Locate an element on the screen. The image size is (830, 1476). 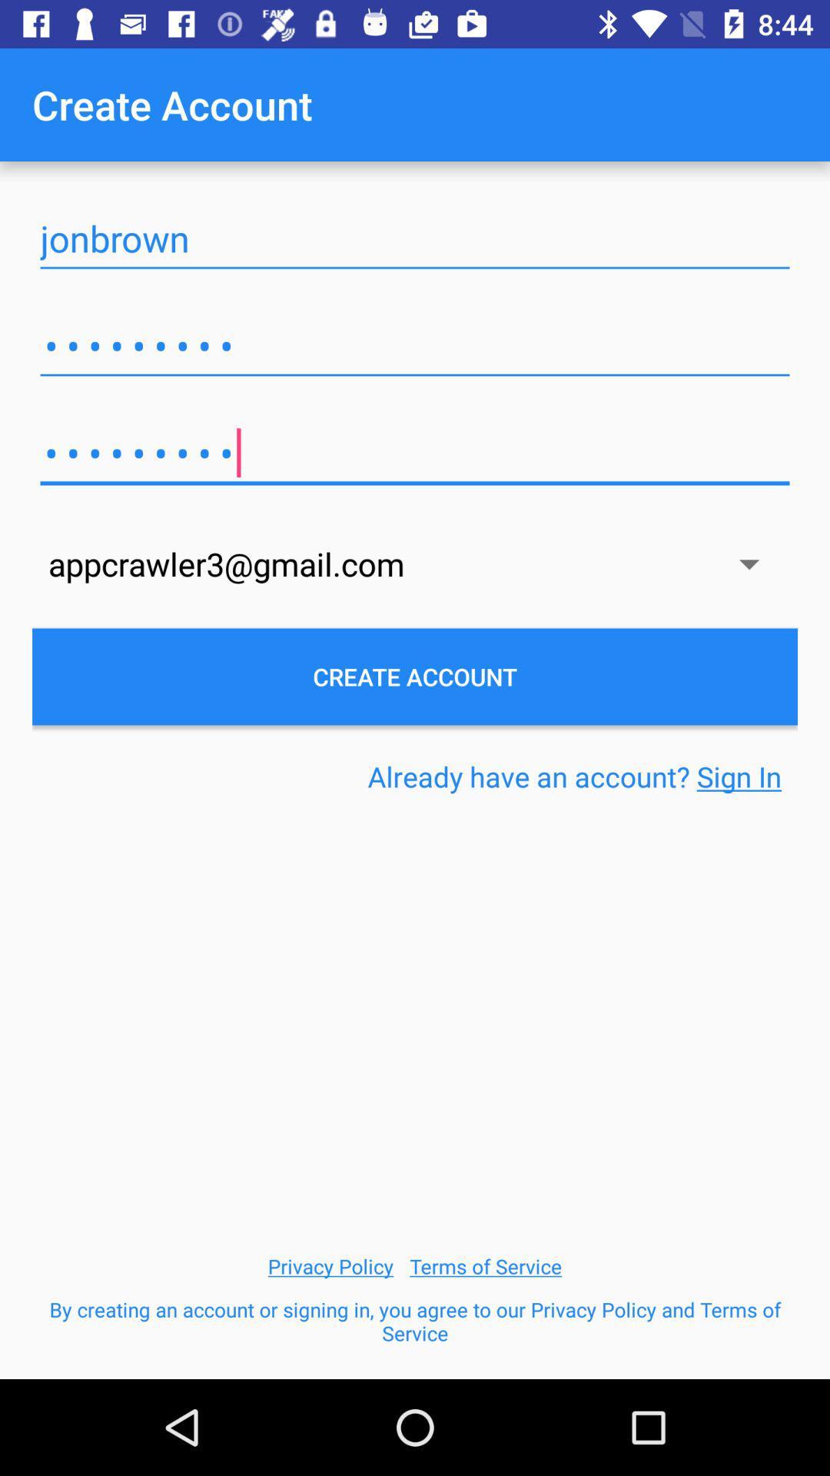
jonbrown icon is located at coordinates (415, 238).